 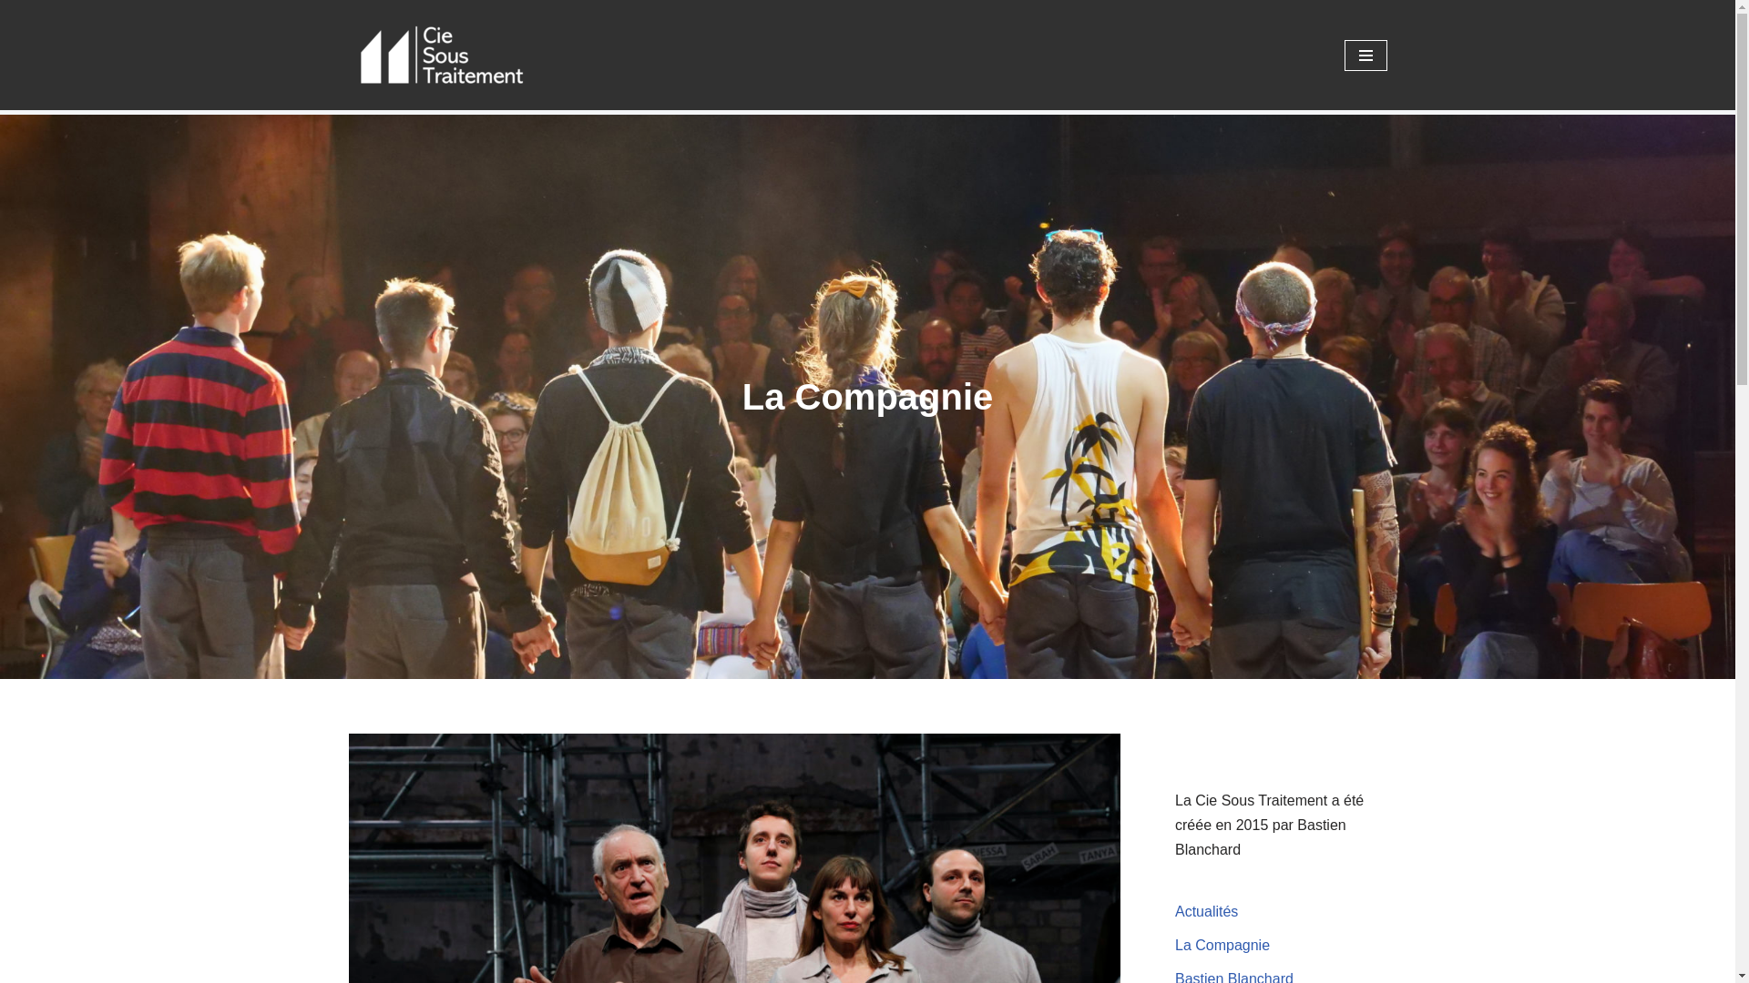 What do you see at coordinates (13, 38) in the screenshot?
I see `'Aller au contenu'` at bounding box center [13, 38].